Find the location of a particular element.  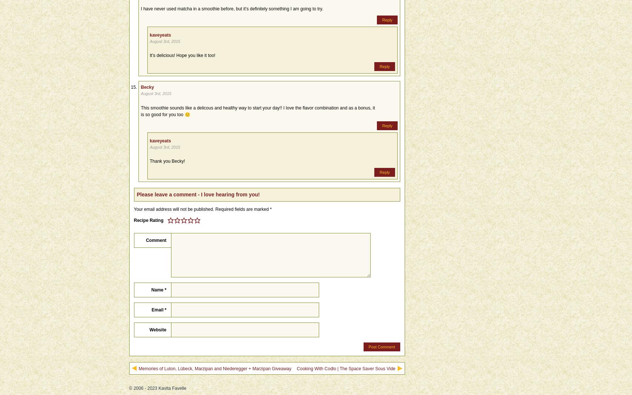

'Required fields are marked' is located at coordinates (242, 208).